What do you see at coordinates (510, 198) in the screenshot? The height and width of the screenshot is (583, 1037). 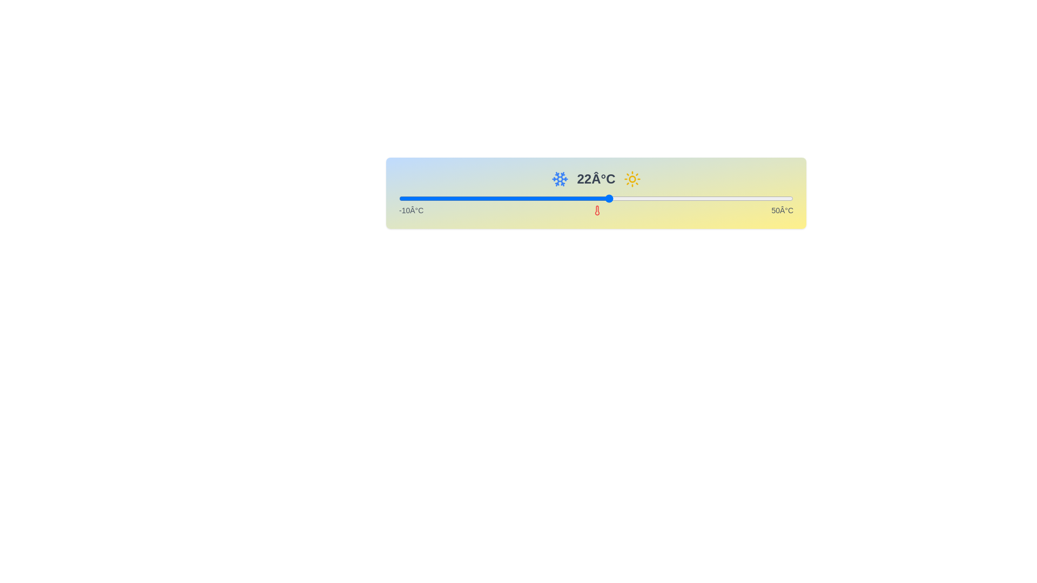 I see `the temperature slider to 7°C` at bounding box center [510, 198].